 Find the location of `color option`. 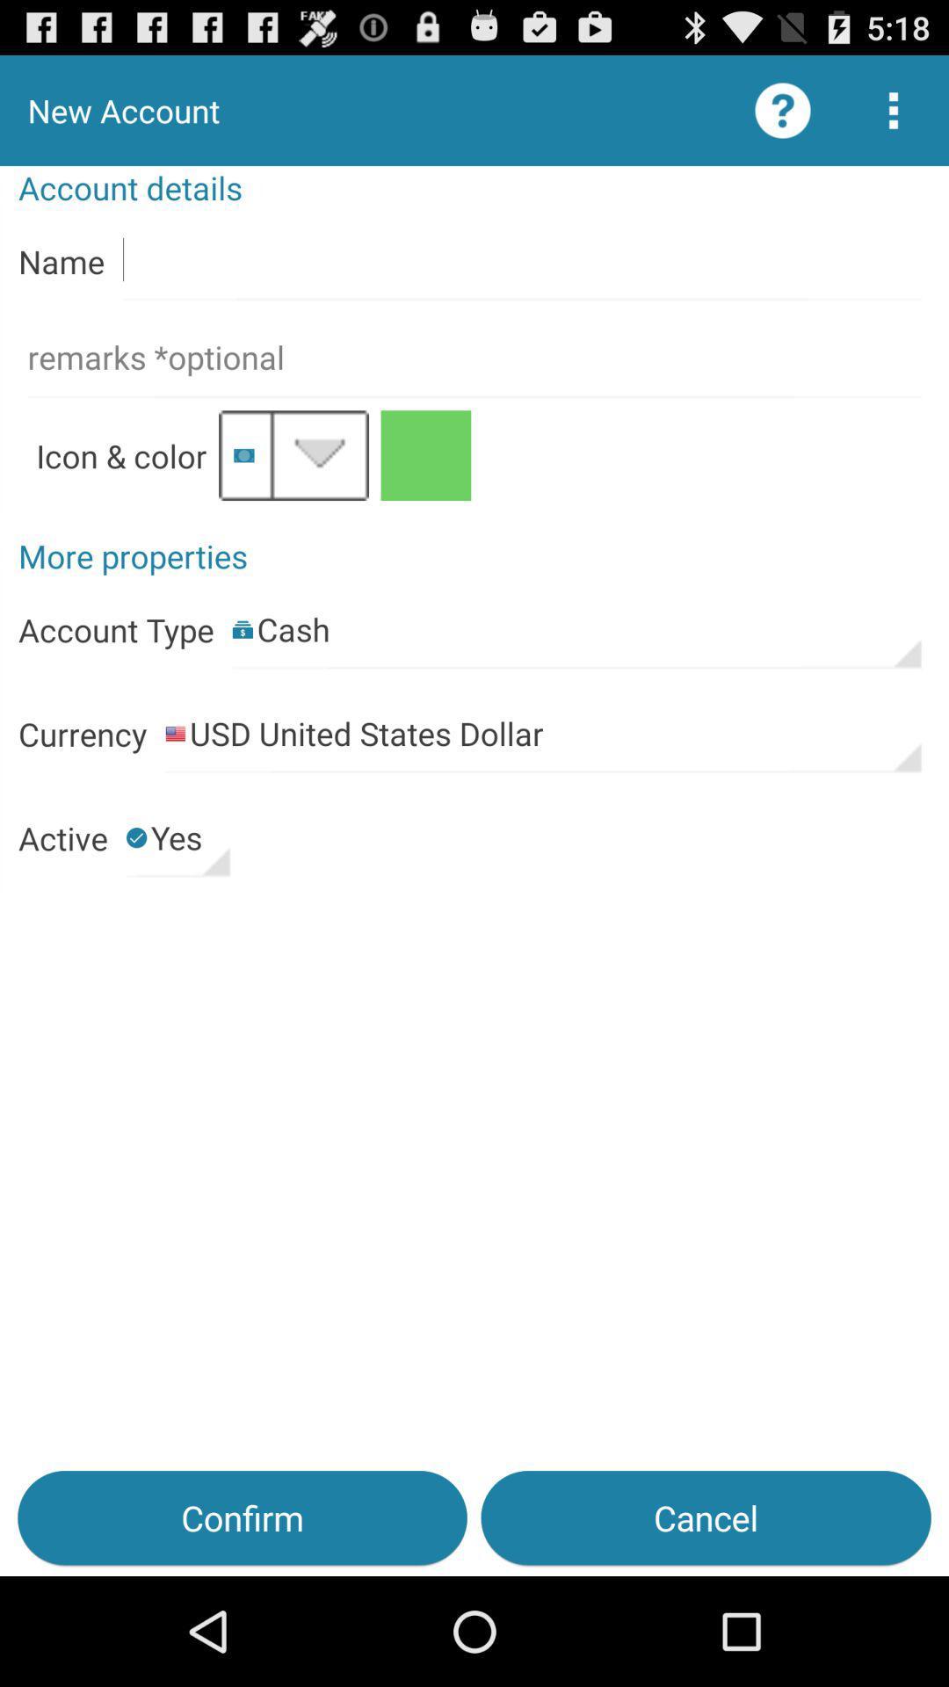

color option is located at coordinates (425, 455).